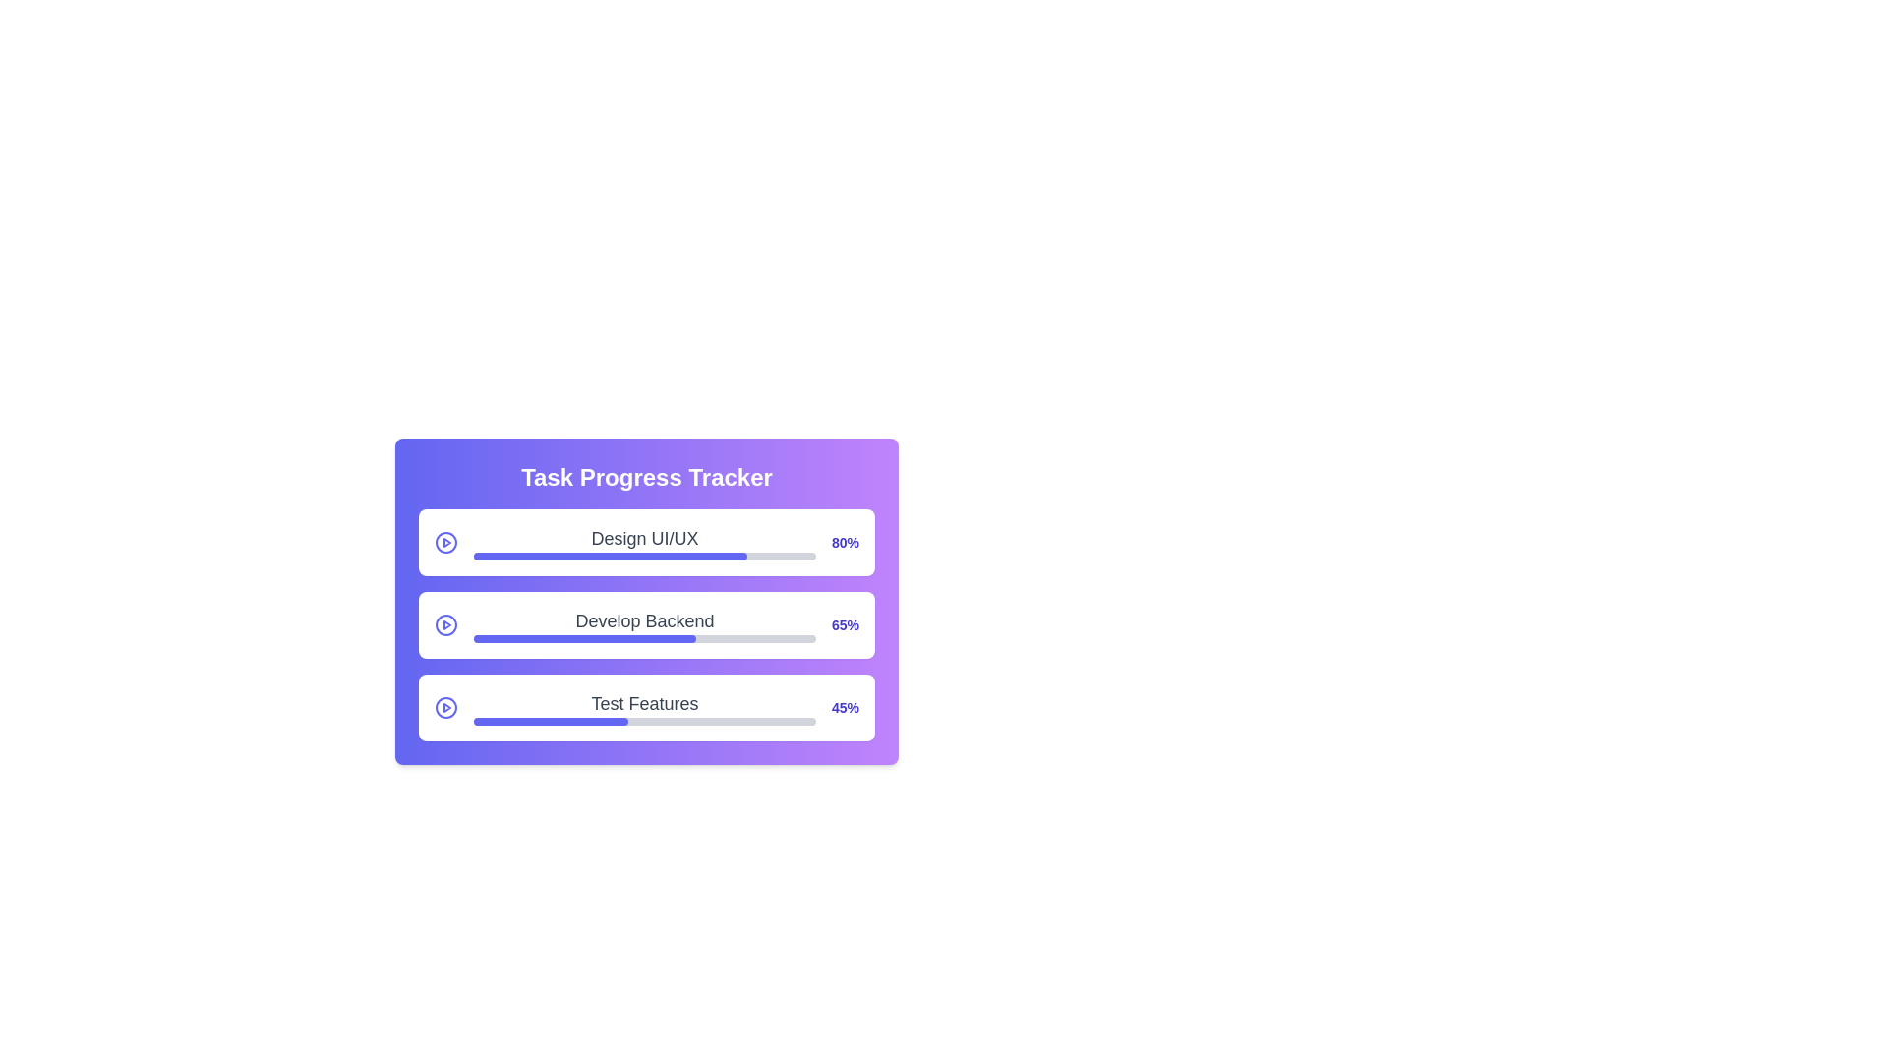 This screenshot has height=1062, width=1888. What do you see at coordinates (845, 625) in the screenshot?
I see `the text label that displays the exact percentage of progress for the 'Develop Backend' task, which is located at the rightmost side of the task progress card` at bounding box center [845, 625].